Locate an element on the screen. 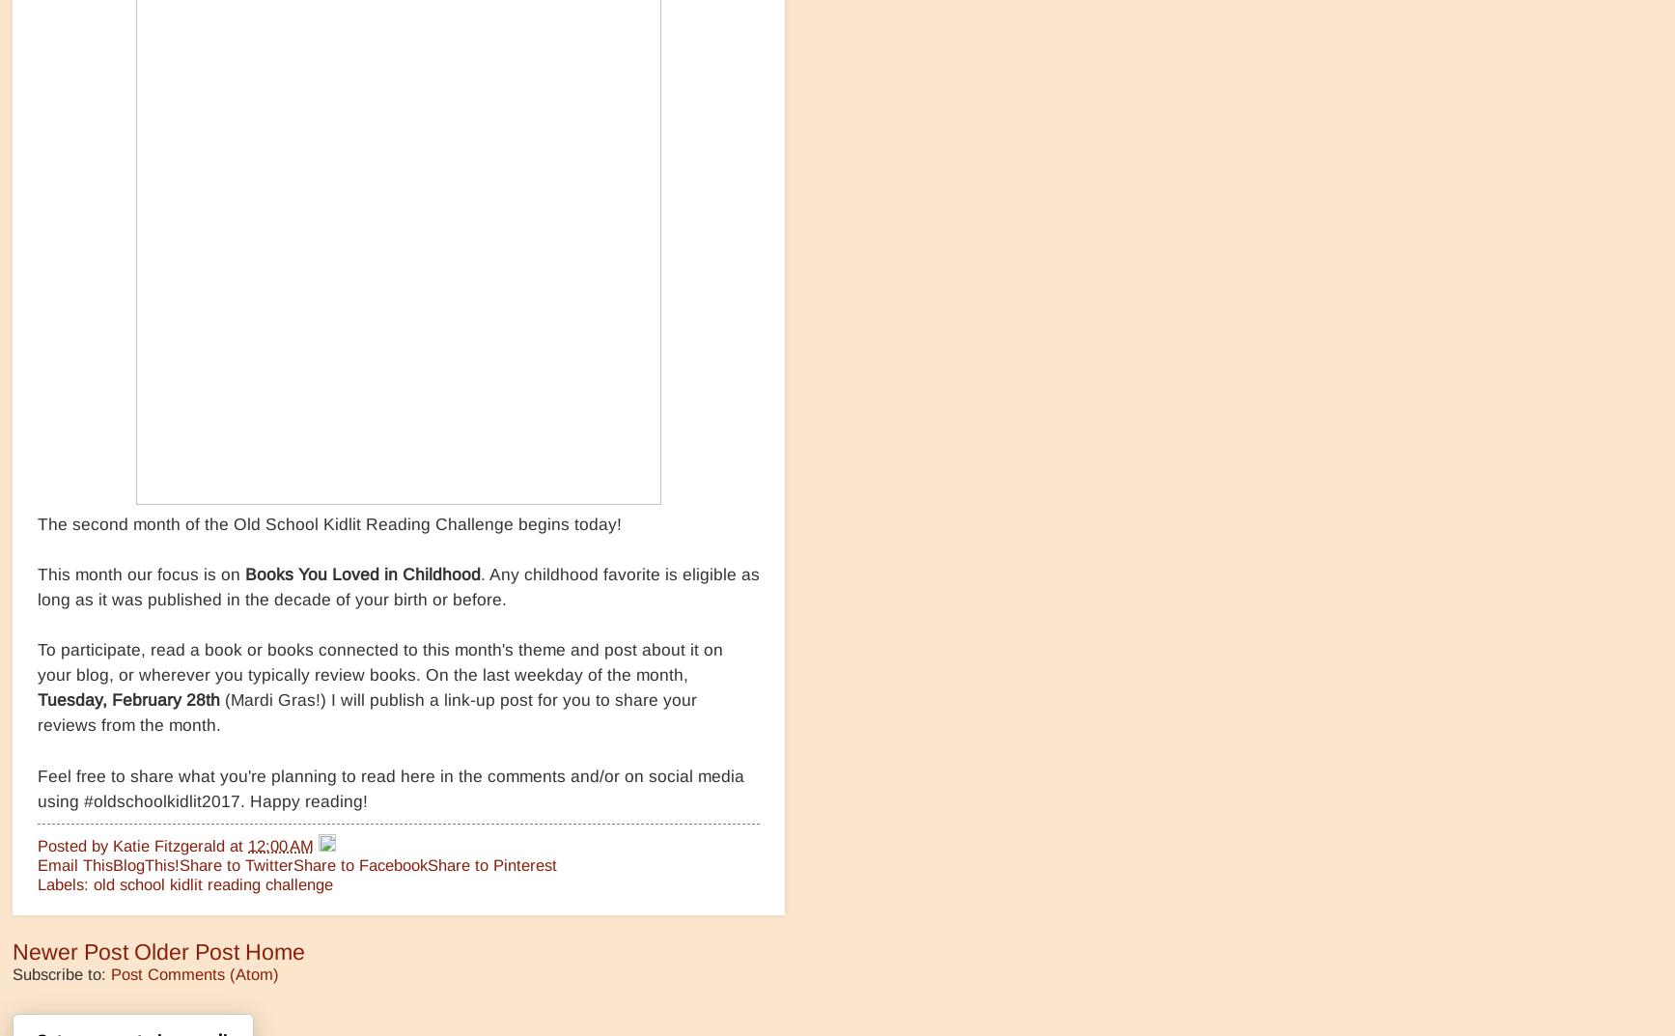 Image resolution: width=1675 pixels, height=1036 pixels. 'The second month of the Old School Kidlit Reading Challenge begins today!' is located at coordinates (329, 522).